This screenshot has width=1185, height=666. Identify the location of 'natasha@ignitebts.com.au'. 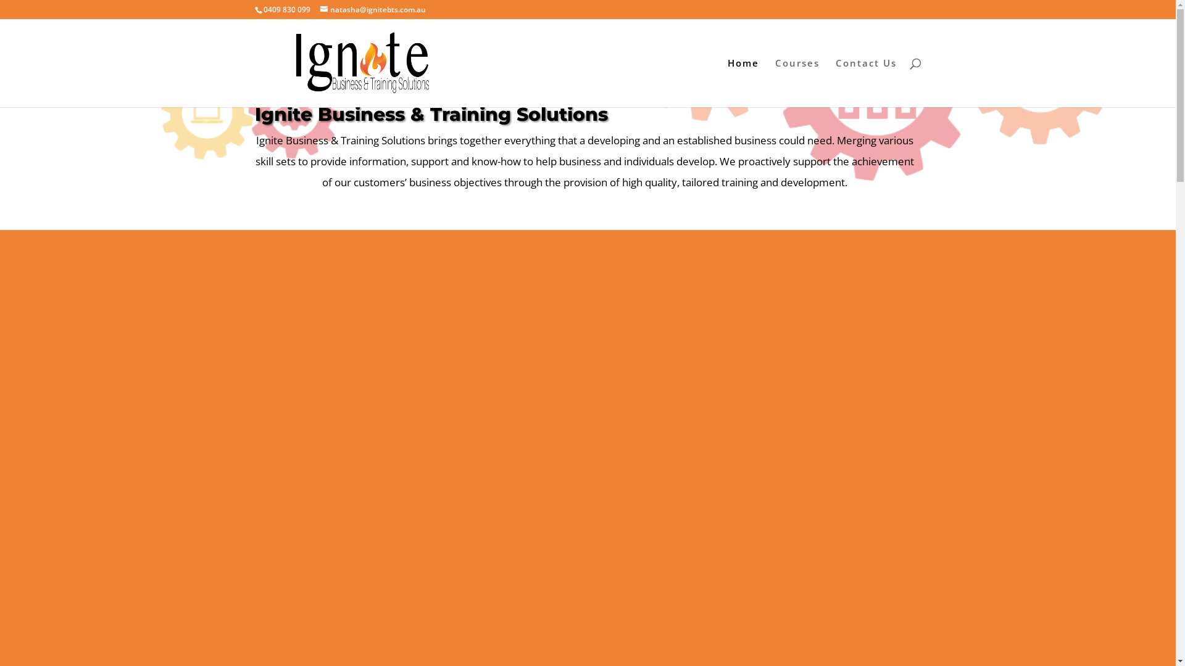
(372, 9).